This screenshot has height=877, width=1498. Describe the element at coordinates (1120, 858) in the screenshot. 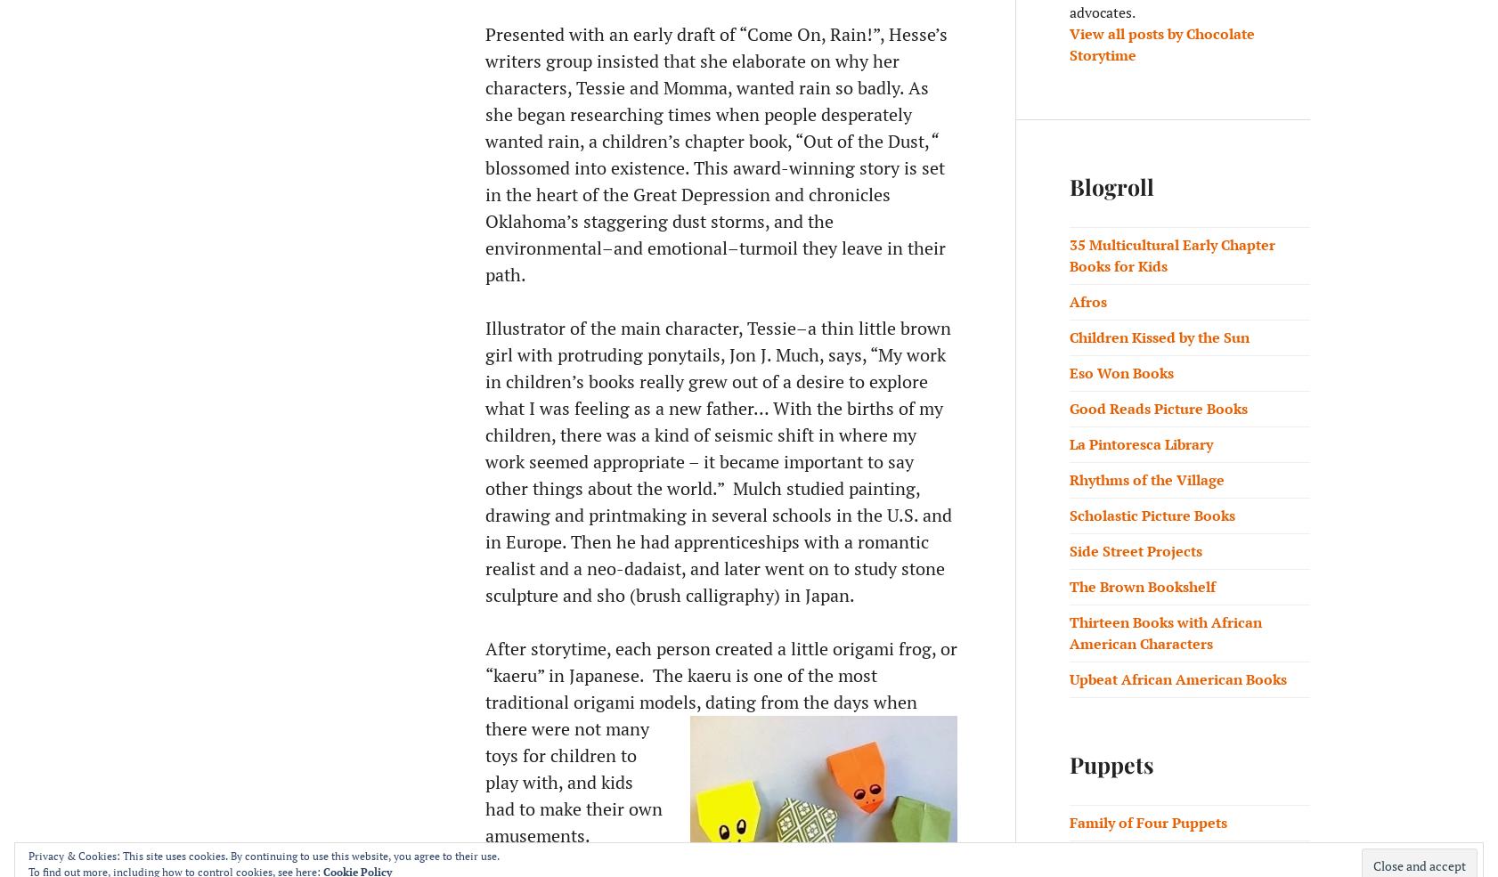

I see `'Family Puppets'` at that location.